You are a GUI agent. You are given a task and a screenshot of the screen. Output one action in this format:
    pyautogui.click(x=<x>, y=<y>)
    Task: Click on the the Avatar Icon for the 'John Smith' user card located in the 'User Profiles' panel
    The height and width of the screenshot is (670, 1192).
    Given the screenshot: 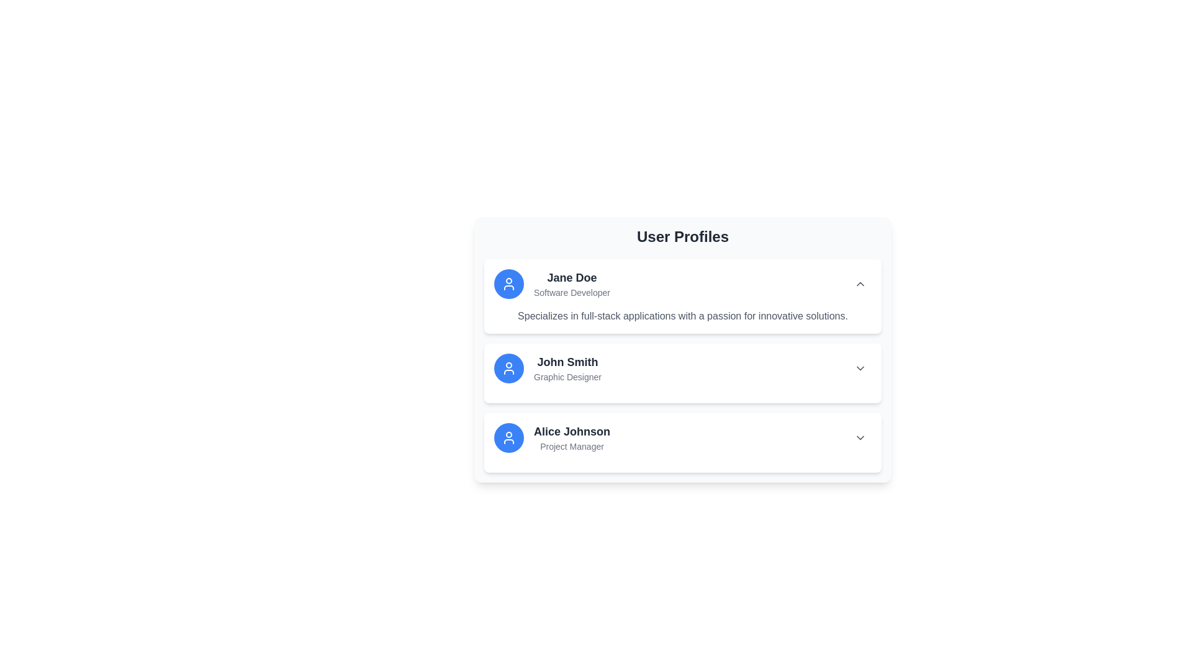 What is the action you would take?
    pyautogui.click(x=509, y=368)
    